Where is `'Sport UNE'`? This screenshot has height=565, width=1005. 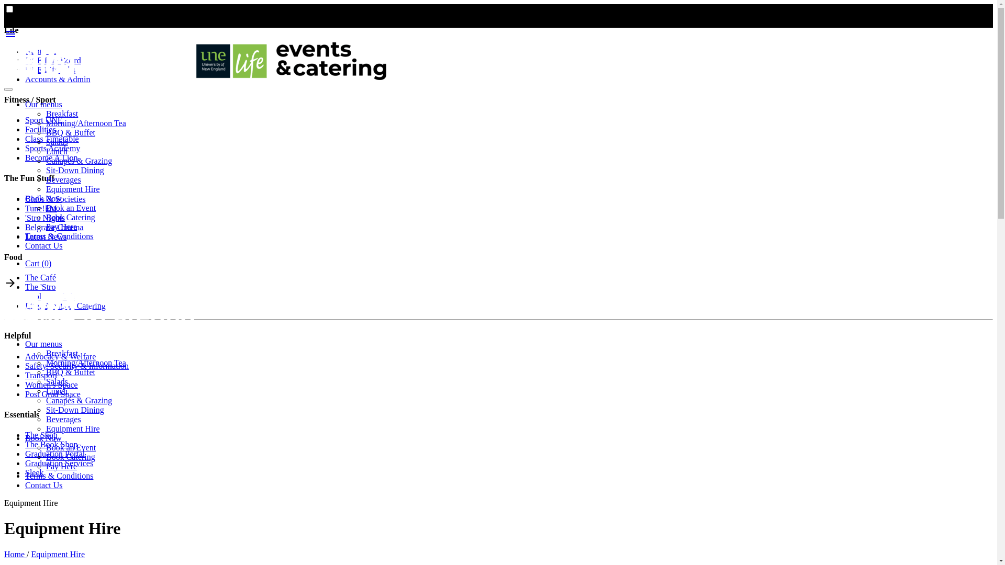 'Sport UNE' is located at coordinates (43, 119).